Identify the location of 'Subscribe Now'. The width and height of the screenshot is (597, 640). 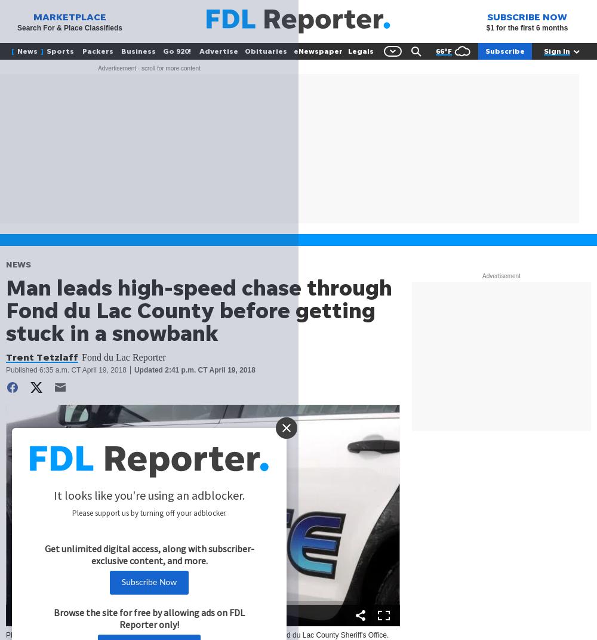
(148, 581).